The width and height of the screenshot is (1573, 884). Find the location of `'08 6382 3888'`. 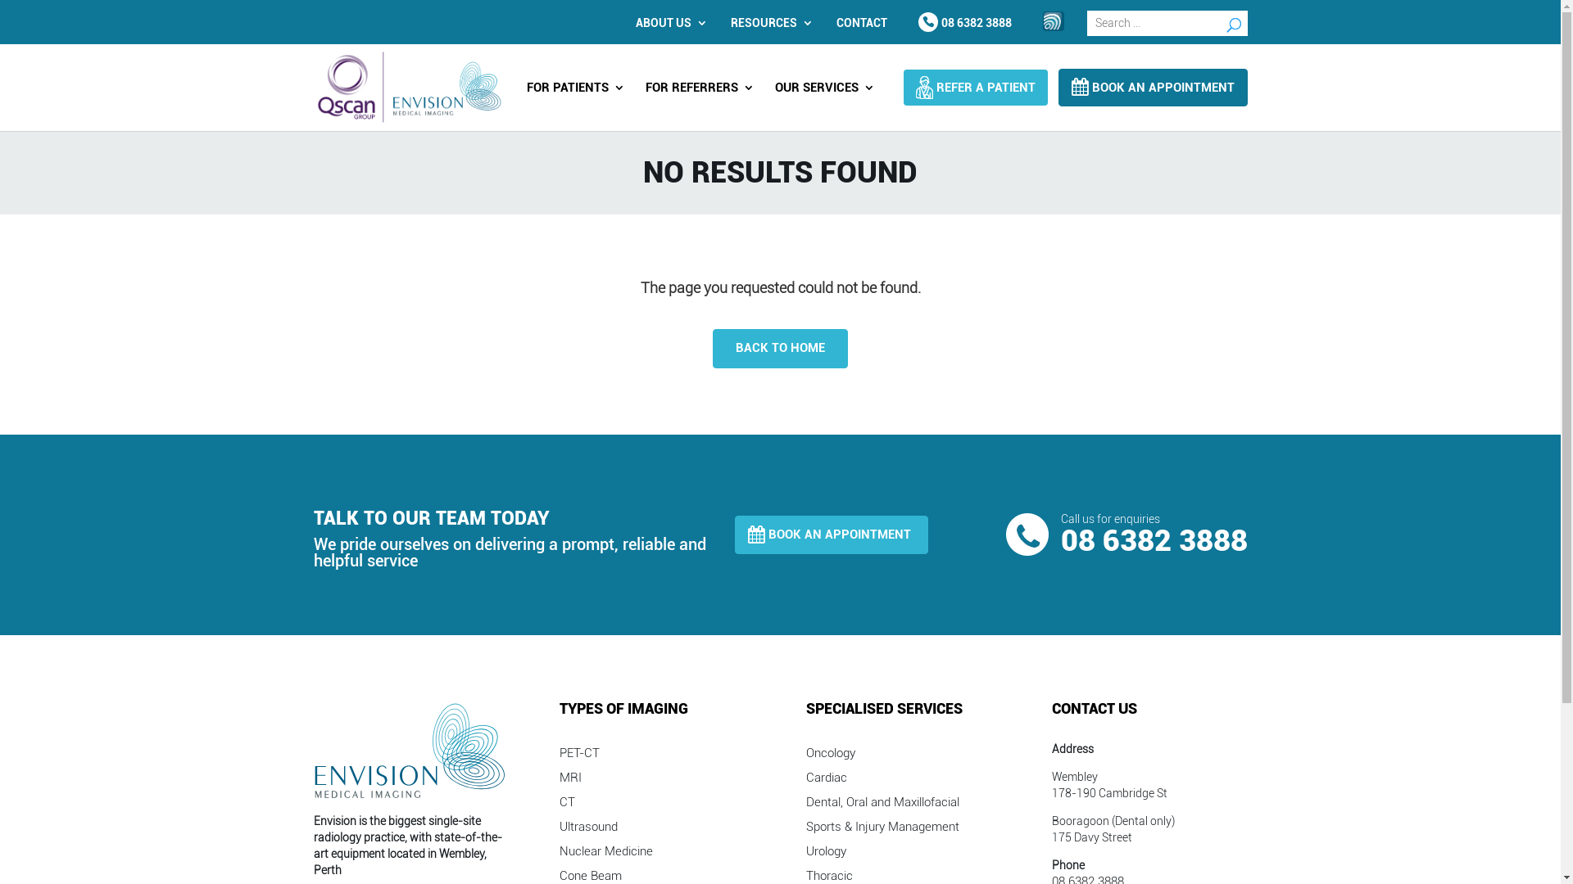

'08 6382 3888' is located at coordinates (964, 22).